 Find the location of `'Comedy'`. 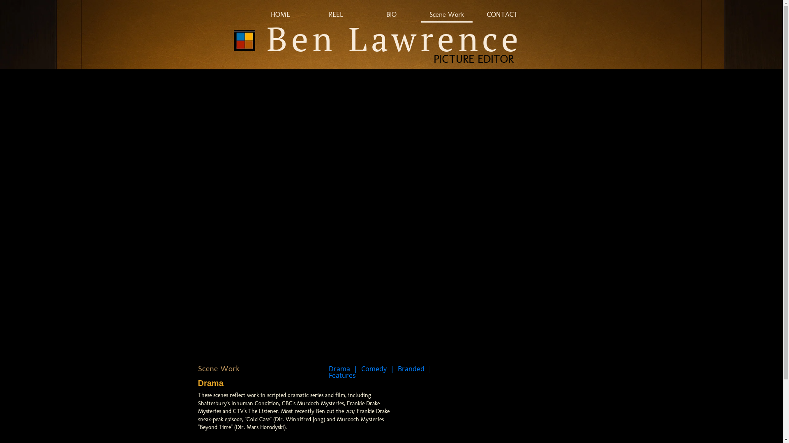

'Comedy' is located at coordinates (361, 368).